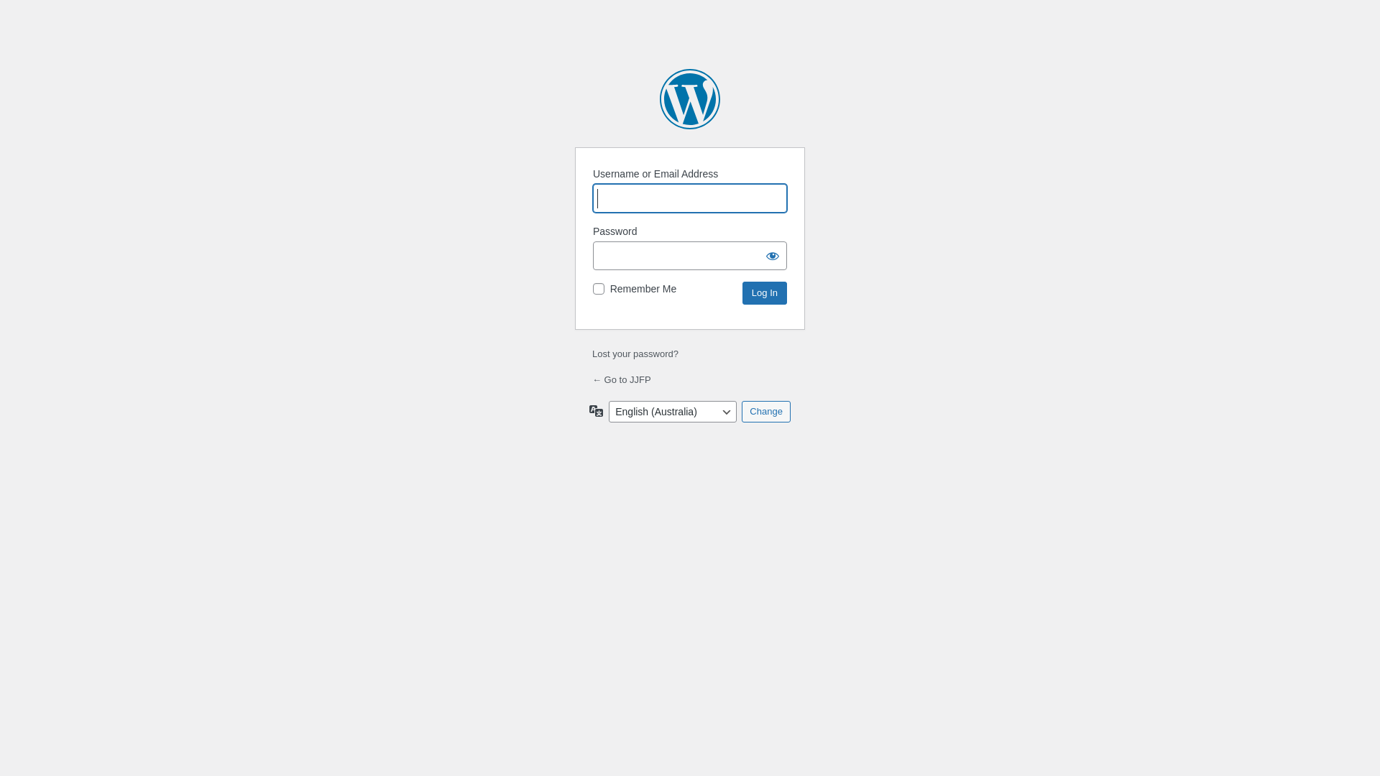  I want to click on 'Powered by WordPress', so click(658, 98).